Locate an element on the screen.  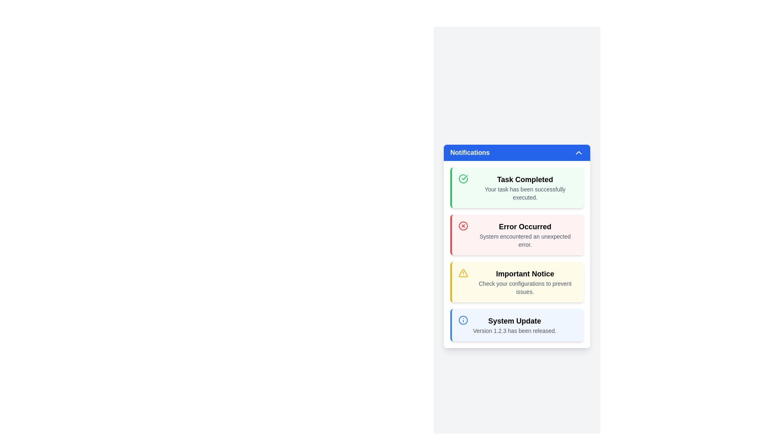
the error notification box located as the second notification in the list, positioned between 'Task Completed' and 'Important Notice' is located at coordinates (517, 235).